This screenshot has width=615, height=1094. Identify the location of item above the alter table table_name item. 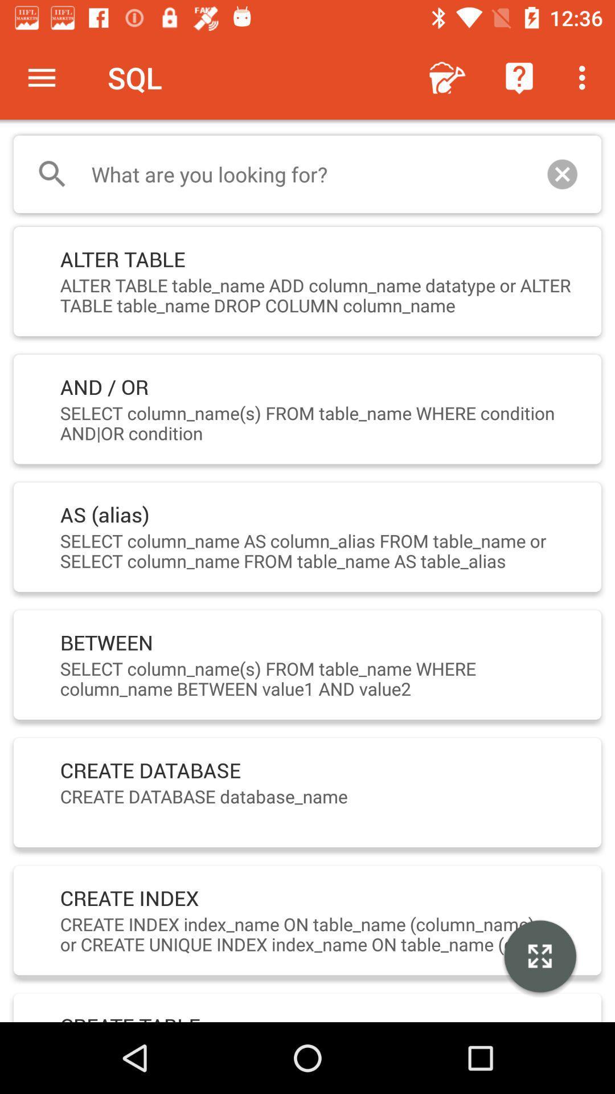
(561, 174).